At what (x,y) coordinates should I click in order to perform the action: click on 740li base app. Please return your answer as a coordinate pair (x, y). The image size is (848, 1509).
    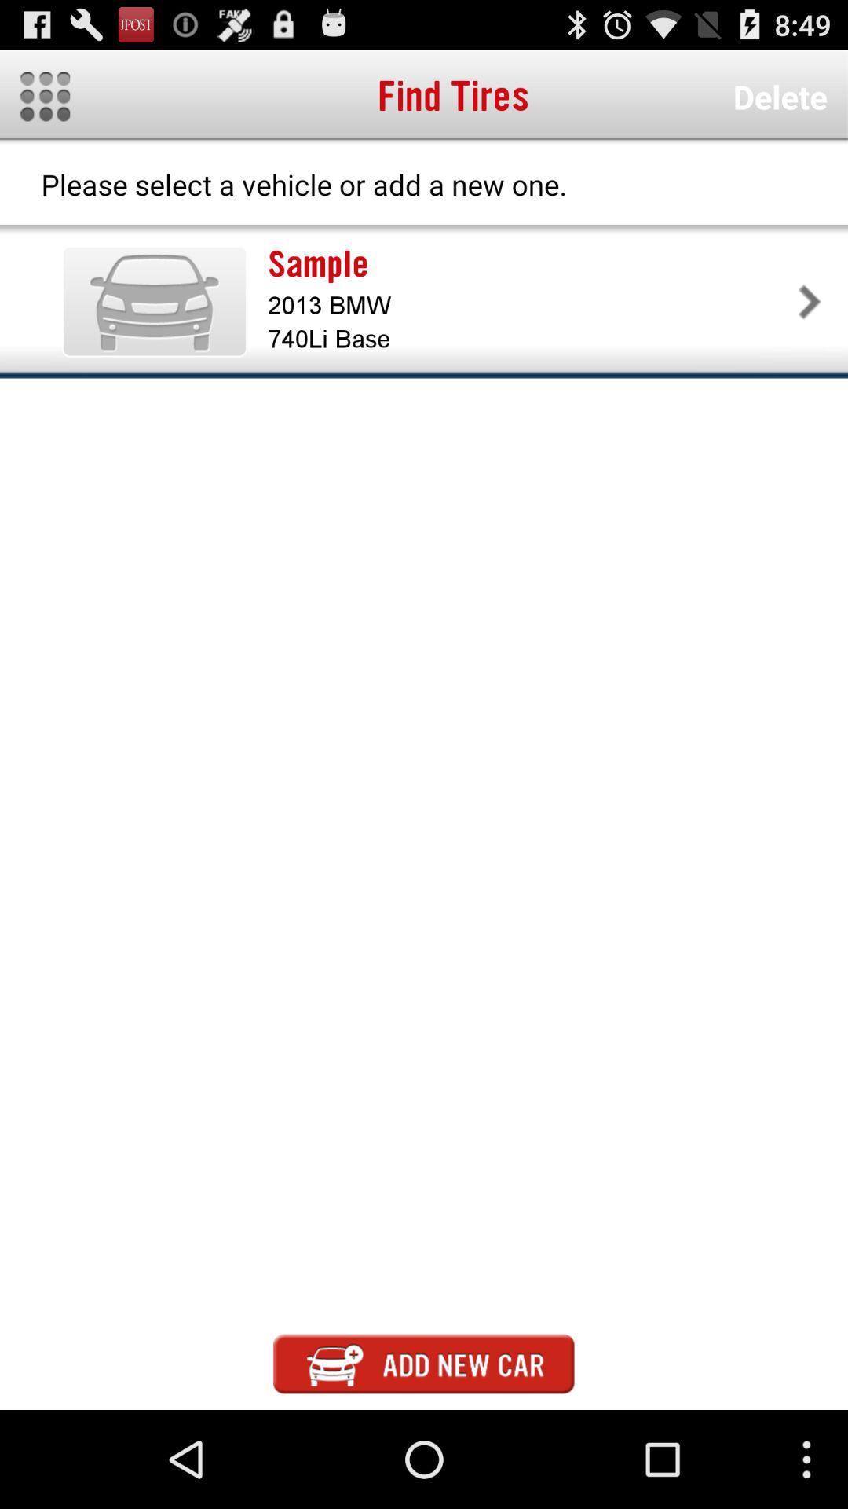
    Looking at the image, I should click on (530, 338).